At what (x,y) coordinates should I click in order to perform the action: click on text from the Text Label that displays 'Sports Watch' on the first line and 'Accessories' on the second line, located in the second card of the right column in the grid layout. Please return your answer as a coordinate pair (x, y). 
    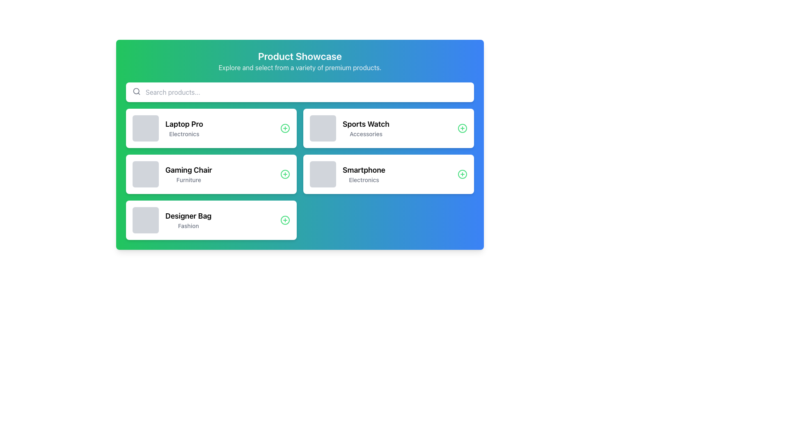
    Looking at the image, I should click on (365, 128).